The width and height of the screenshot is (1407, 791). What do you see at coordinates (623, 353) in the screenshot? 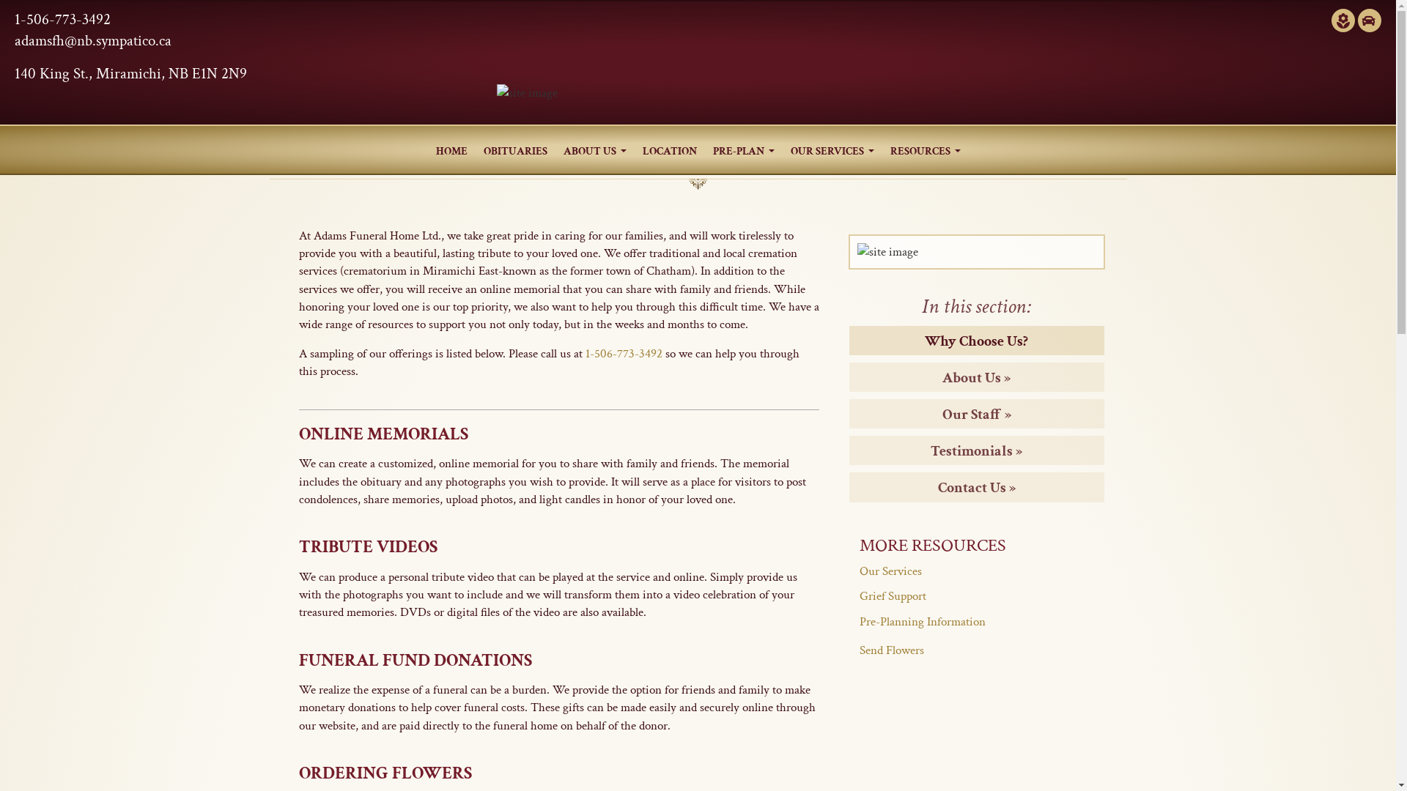
I see `'1-506-773-3492'` at bounding box center [623, 353].